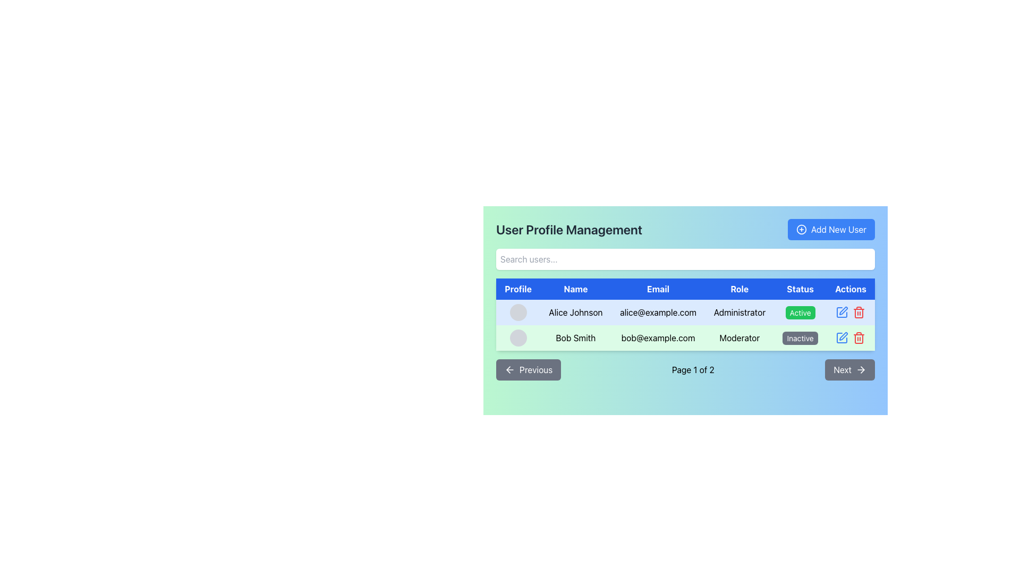 The height and width of the screenshot is (574, 1020). What do you see at coordinates (518, 311) in the screenshot?
I see `the circular profile placeholder with a gray background in the 'Profile' column of the user management table for user 'Alice Johnson'` at bounding box center [518, 311].